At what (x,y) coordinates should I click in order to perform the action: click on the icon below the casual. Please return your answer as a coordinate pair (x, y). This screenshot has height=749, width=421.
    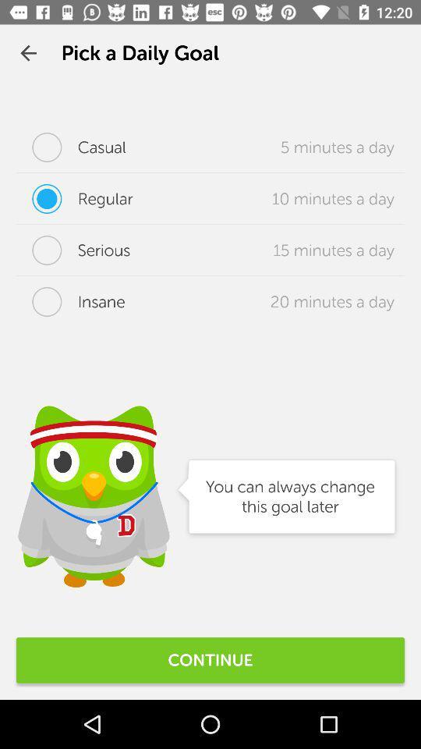
    Looking at the image, I should click on (73, 197).